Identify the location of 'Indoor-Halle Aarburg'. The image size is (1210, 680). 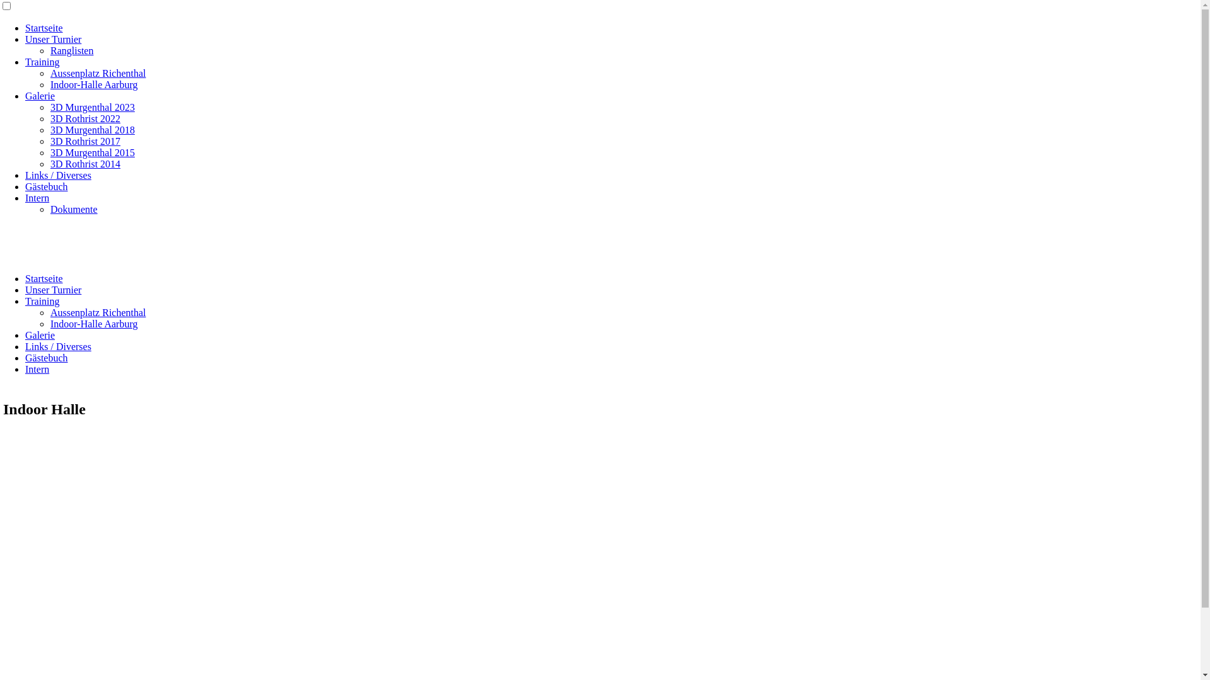
(93, 84).